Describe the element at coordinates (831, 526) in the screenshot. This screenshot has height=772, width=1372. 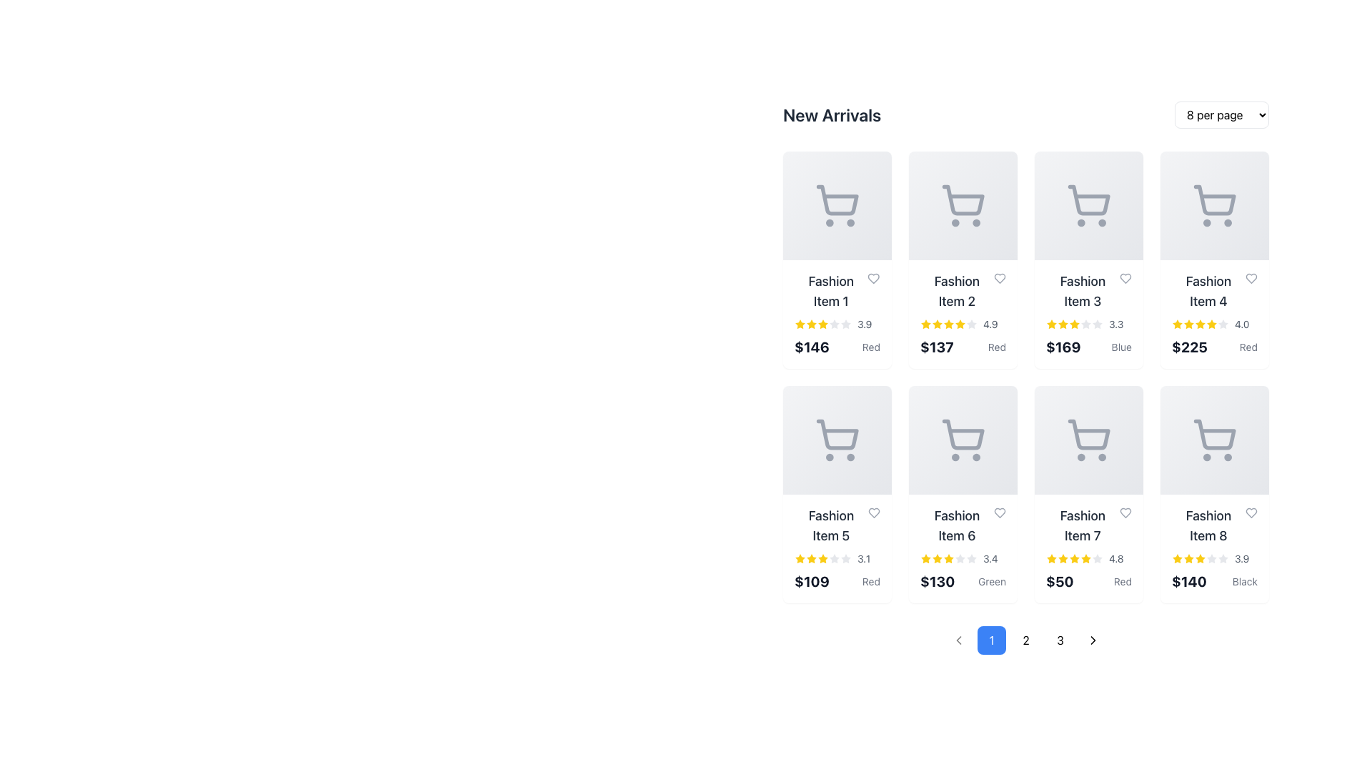
I see `text label displaying 'Fashion Item 5', which is styled in a large bold font and located under the 'New Arrivals' section in the grid layout` at that location.